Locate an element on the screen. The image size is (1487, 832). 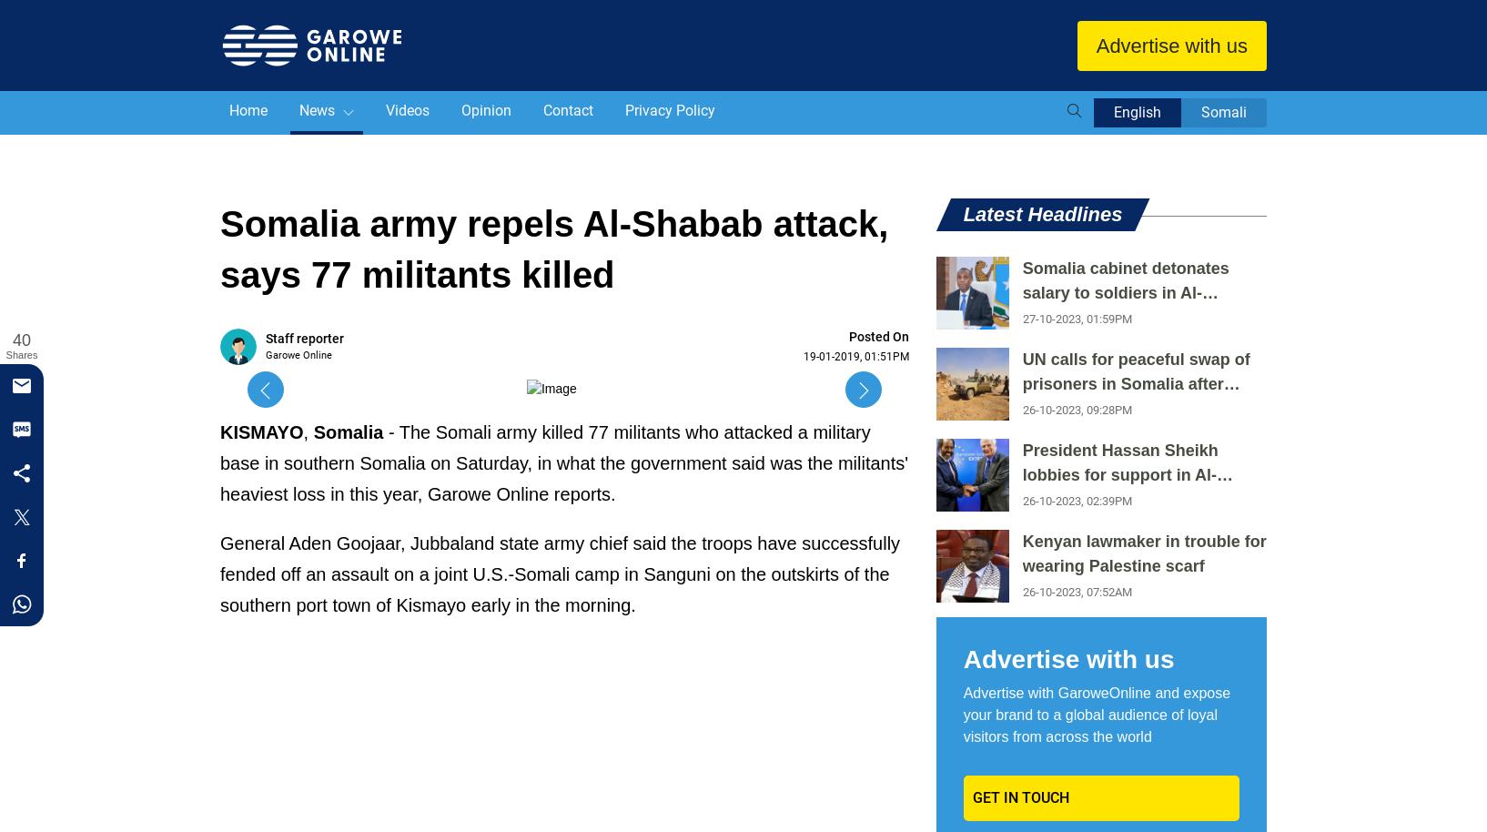
'Privacy Policy' is located at coordinates (670, 110).